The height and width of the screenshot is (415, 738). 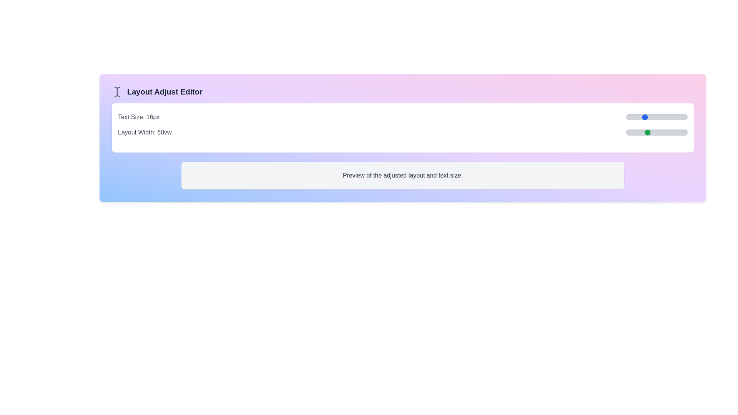 What do you see at coordinates (626, 117) in the screenshot?
I see `the text size` at bounding box center [626, 117].